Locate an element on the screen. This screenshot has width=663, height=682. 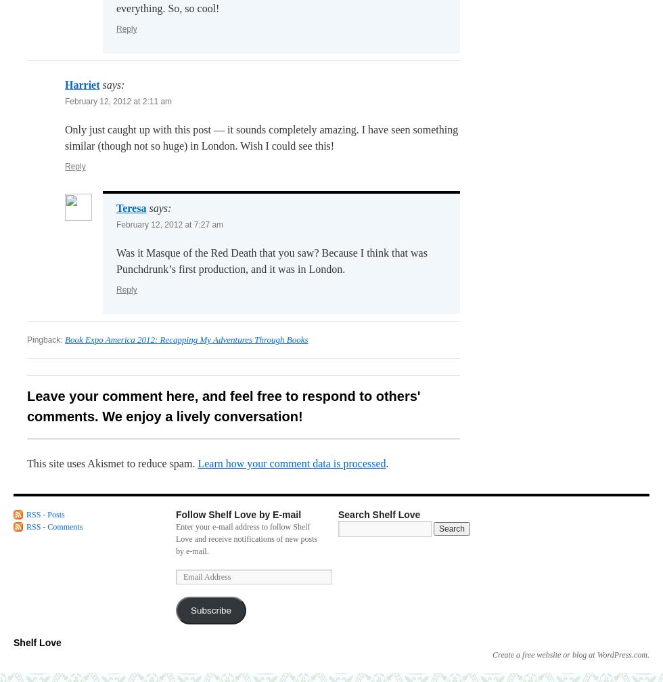
'February 12, 2012 at 2:11 am' is located at coordinates (118, 102).